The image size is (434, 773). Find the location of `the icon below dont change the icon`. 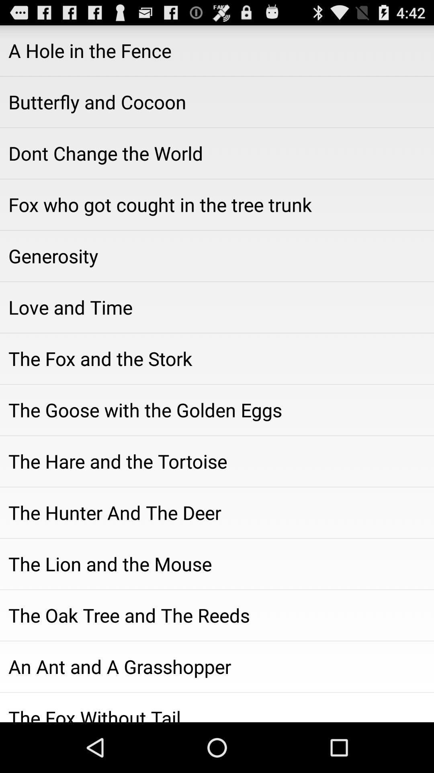

the icon below dont change the icon is located at coordinates (217, 205).